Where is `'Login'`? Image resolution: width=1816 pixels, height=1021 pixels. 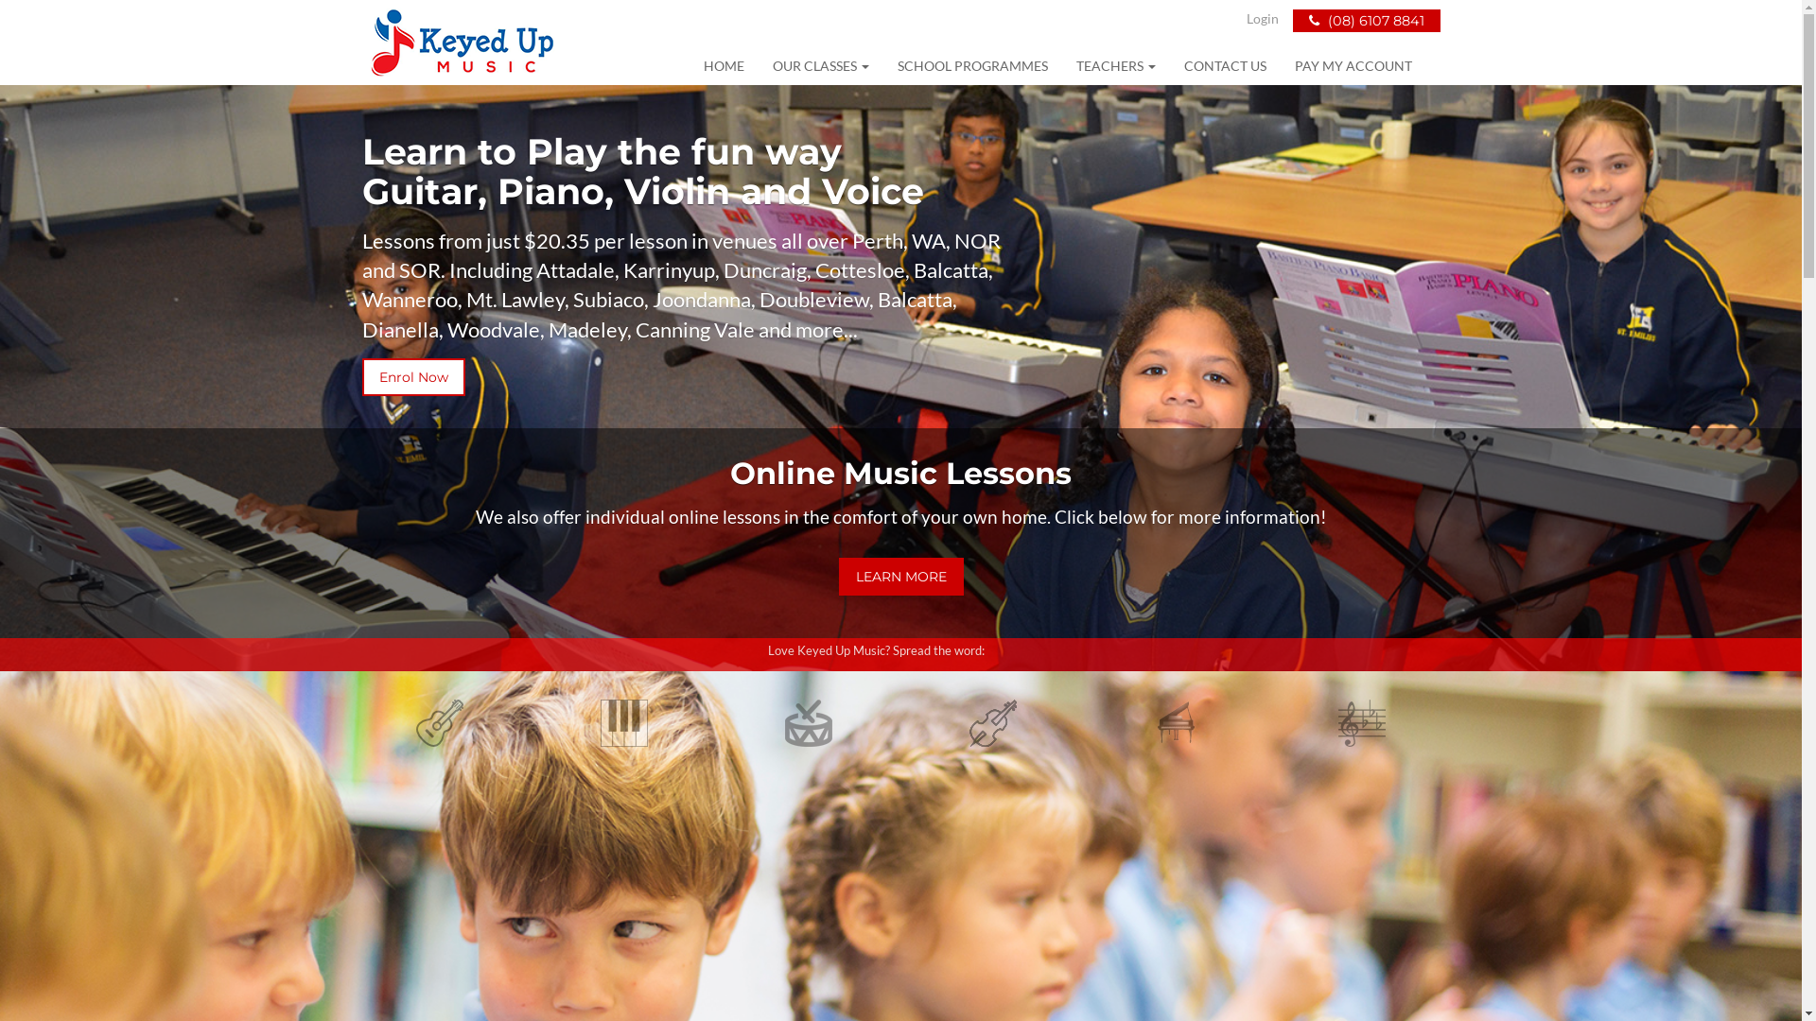 'Login' is located at coordinates (1262, 18).